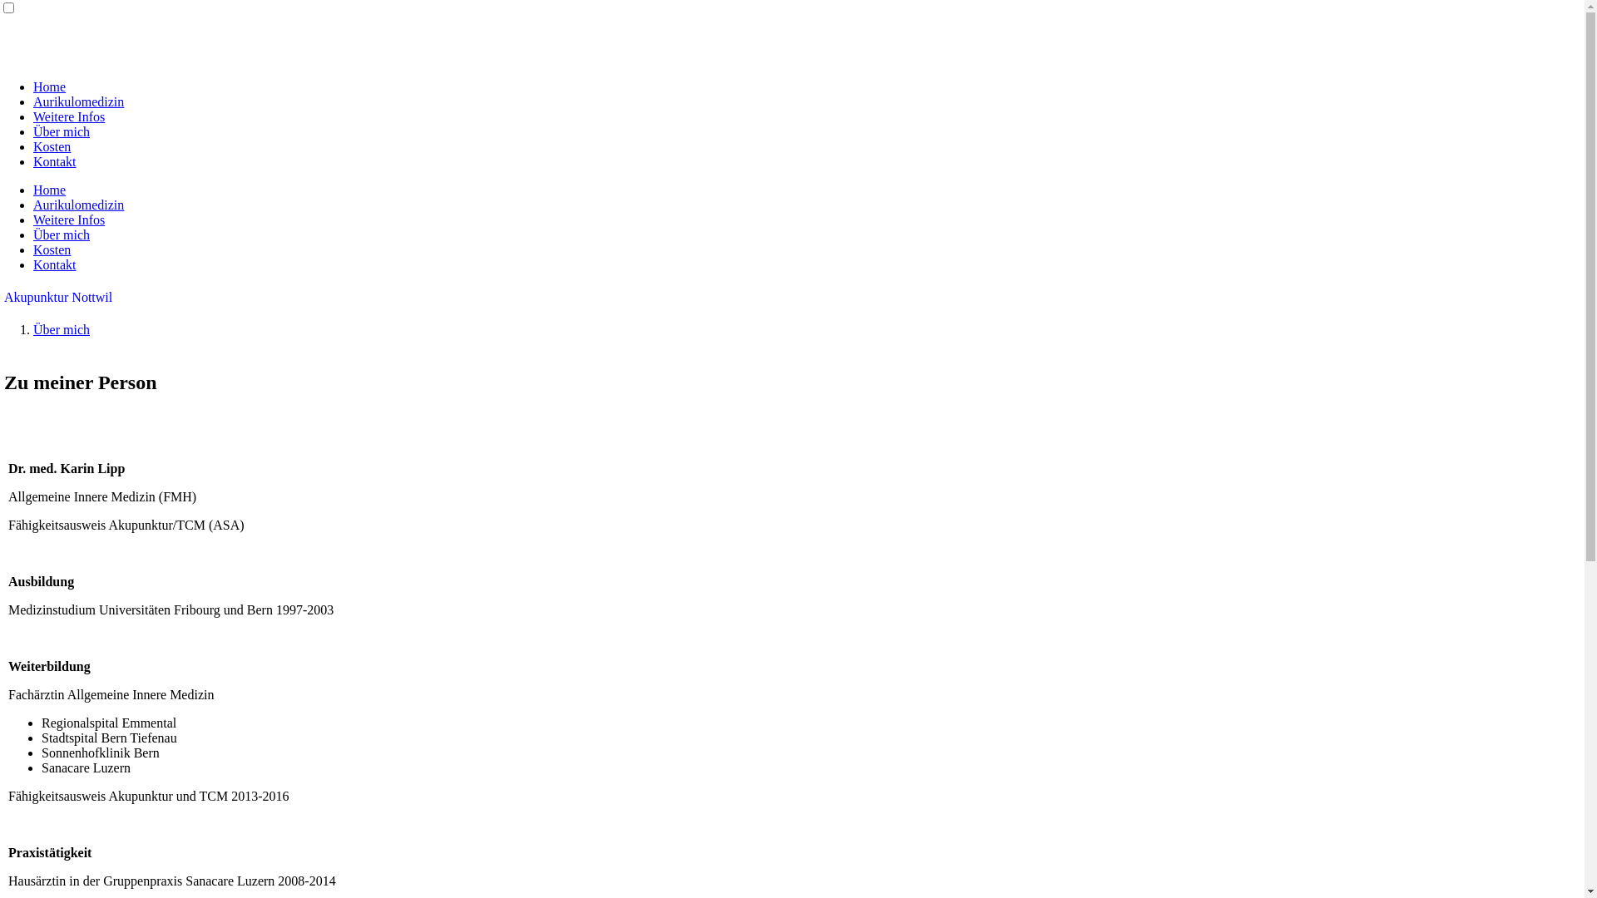 Image resolution: width=1597 pixels, height=898 pixels. I want to click on 'Akupunktur Nottwil', so click(58, 296).